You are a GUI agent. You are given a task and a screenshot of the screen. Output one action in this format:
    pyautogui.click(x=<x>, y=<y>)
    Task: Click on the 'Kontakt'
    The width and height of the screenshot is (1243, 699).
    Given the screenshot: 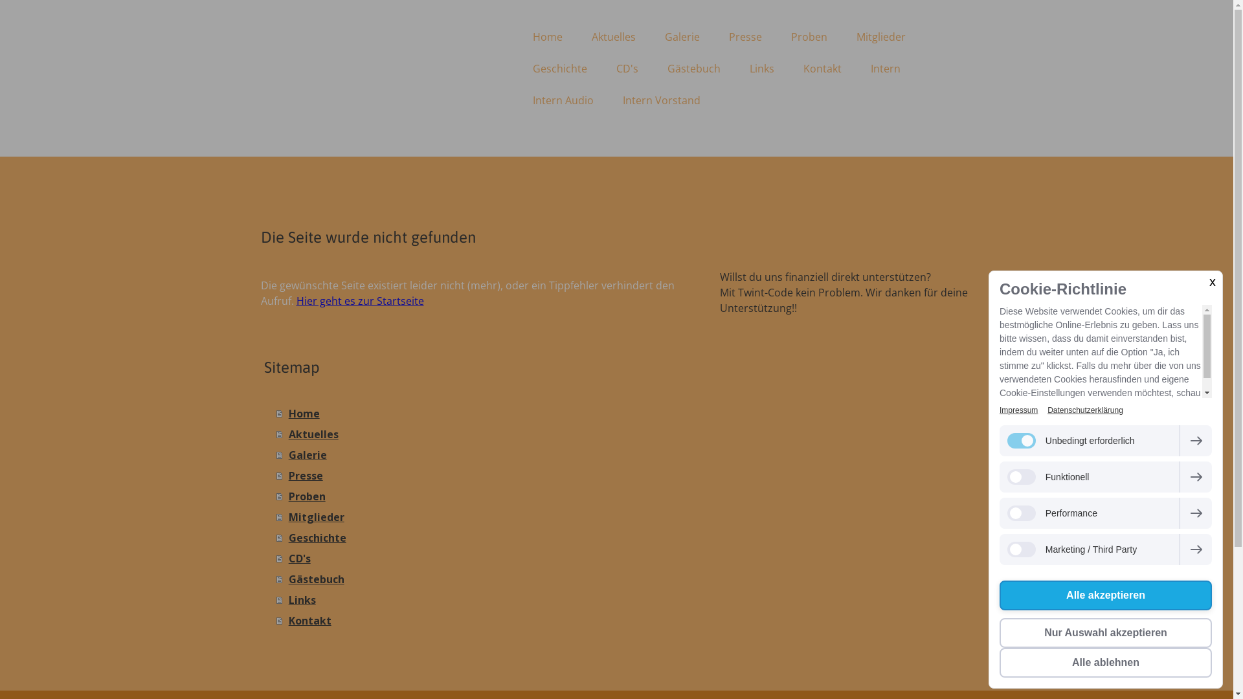 What is the action you would take?
    pyautogui.click(x=821, y=68)
    